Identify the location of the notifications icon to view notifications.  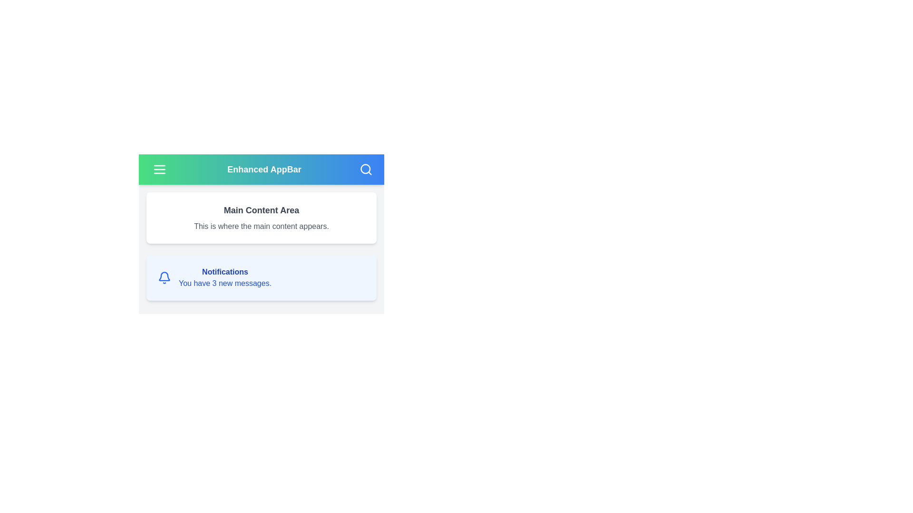
(164, 278).